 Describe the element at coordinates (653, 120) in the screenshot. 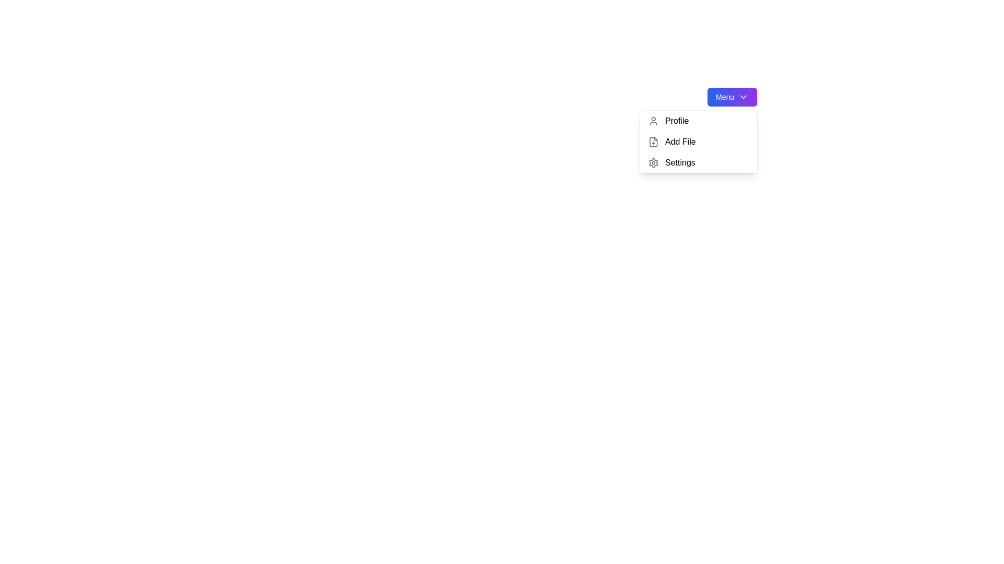

I see `the 'Profile' icon in the dropdown menu that opens from the 'Menu' button located in the top-right corner of the interface` at that location.